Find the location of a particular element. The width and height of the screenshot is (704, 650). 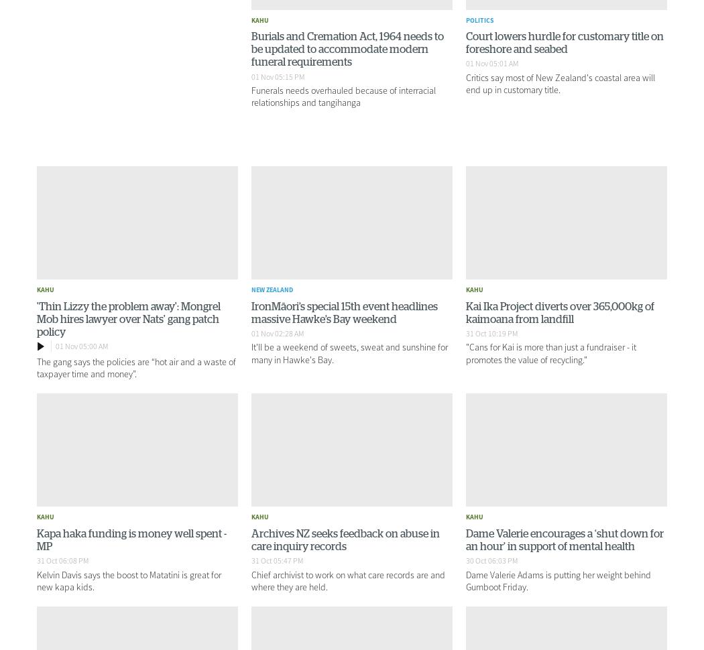

'01 Nov 05:00 AM' is located at coordinates (81, 346).